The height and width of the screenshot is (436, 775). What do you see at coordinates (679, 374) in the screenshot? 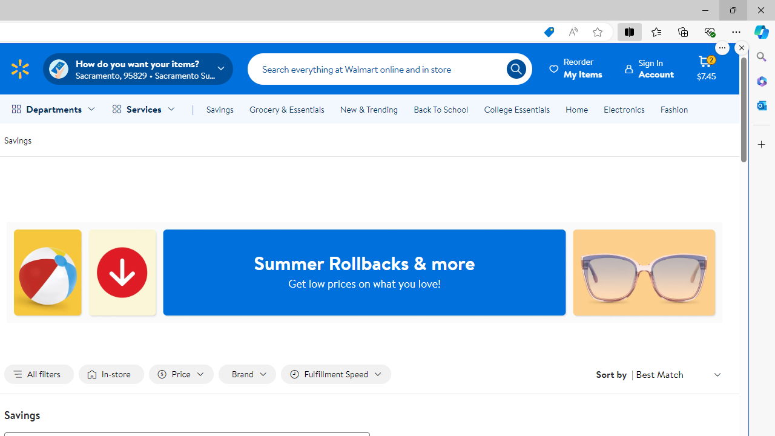
I see `'Sort by Best Match'` at bounding box center [679, 374].